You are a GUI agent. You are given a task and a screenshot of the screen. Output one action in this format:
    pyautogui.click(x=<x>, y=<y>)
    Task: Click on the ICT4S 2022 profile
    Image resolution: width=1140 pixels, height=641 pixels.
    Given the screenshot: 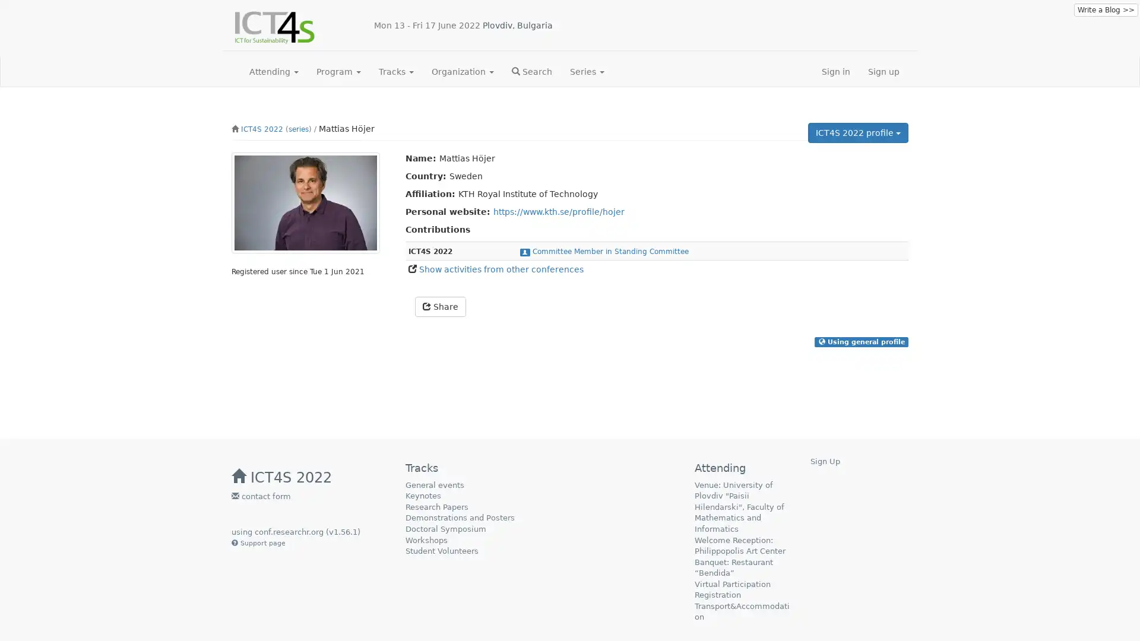 What is the action you would take?
    pyautogui.click(x=858, y=132)
    